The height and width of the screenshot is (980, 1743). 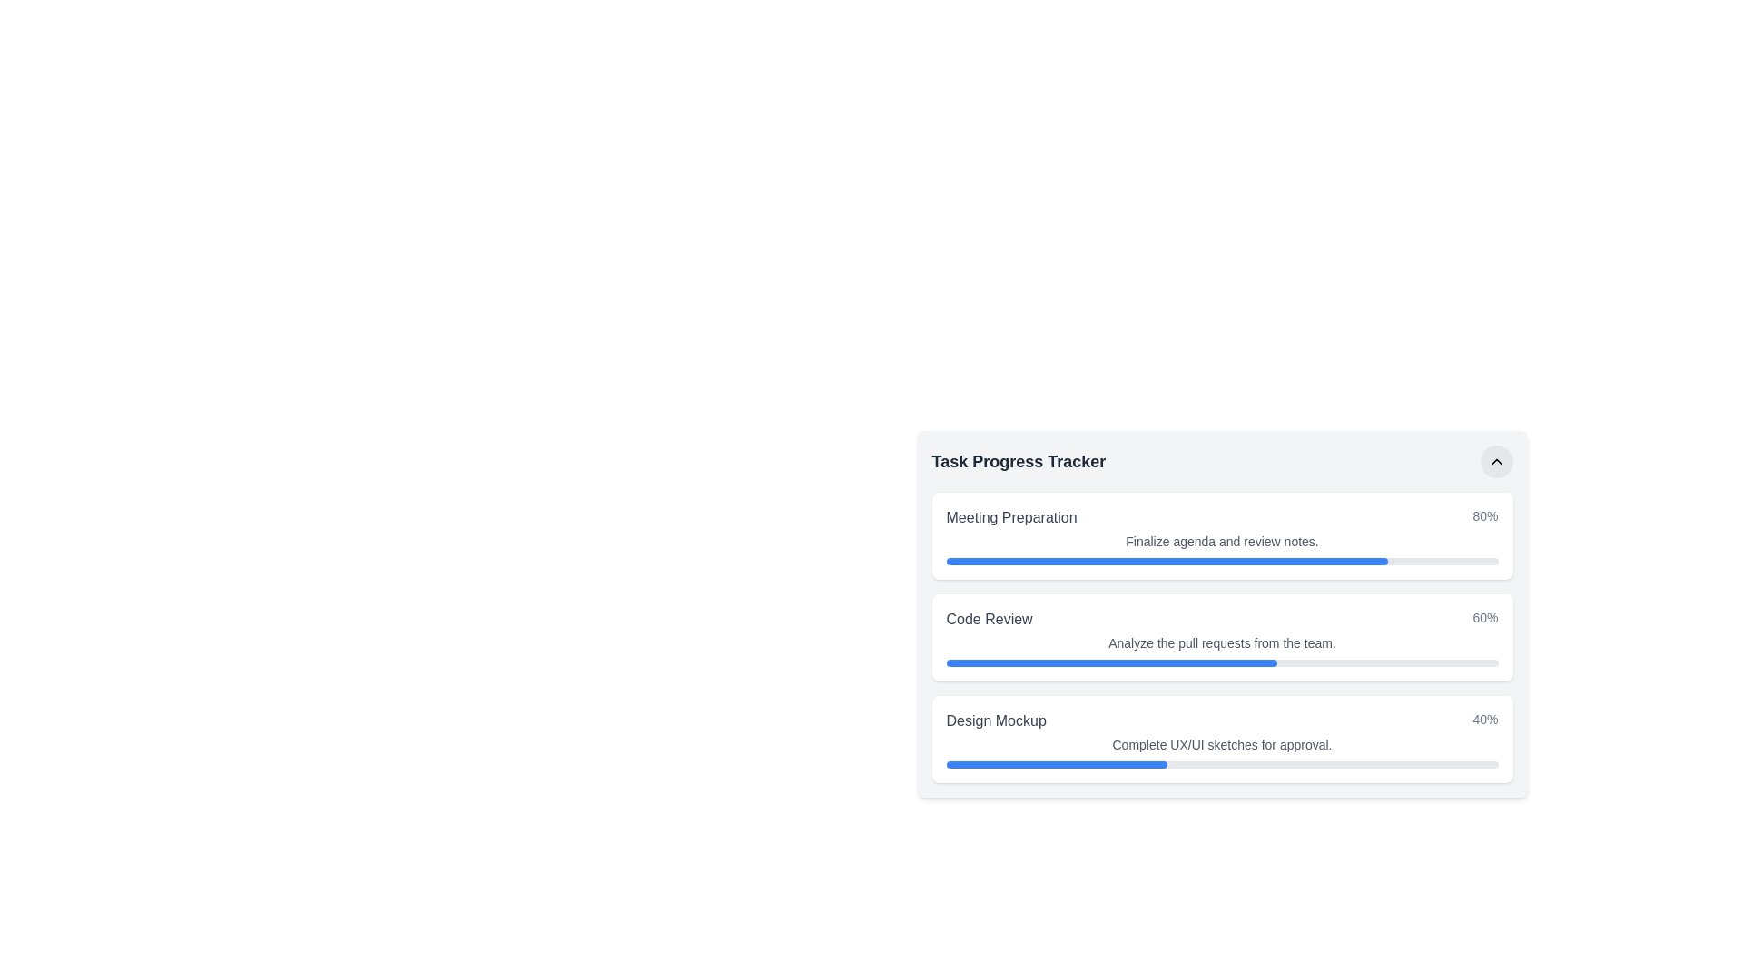 I want to click on the 'Design Mockup' label indicating the task title in the task tracker interface, so click(x=995, y=720).